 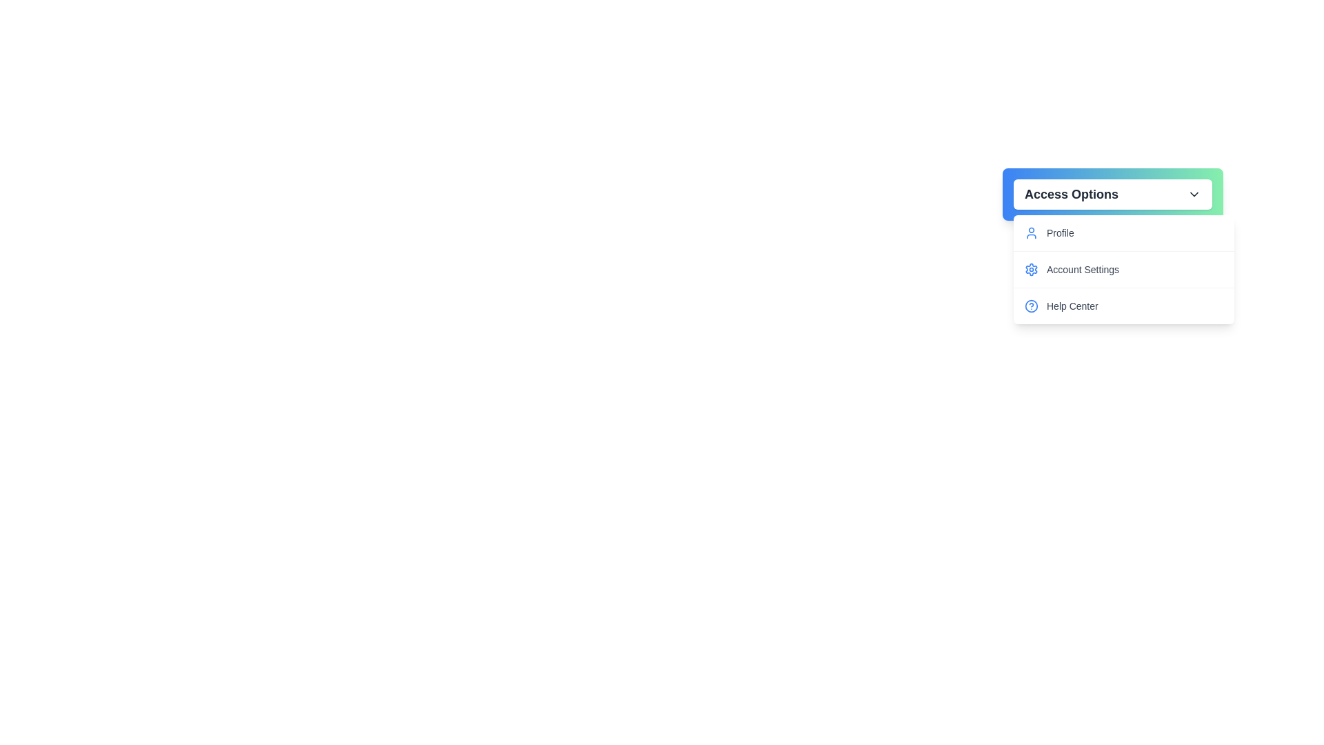 What do you see at coordinates (1032, 305) in the screenshot?
I see `the decorative Circular icon element that complements the 'Help Center' option in the options drop-down menu, located under the 'Access Options' button` at bounding box center [1032, 305].